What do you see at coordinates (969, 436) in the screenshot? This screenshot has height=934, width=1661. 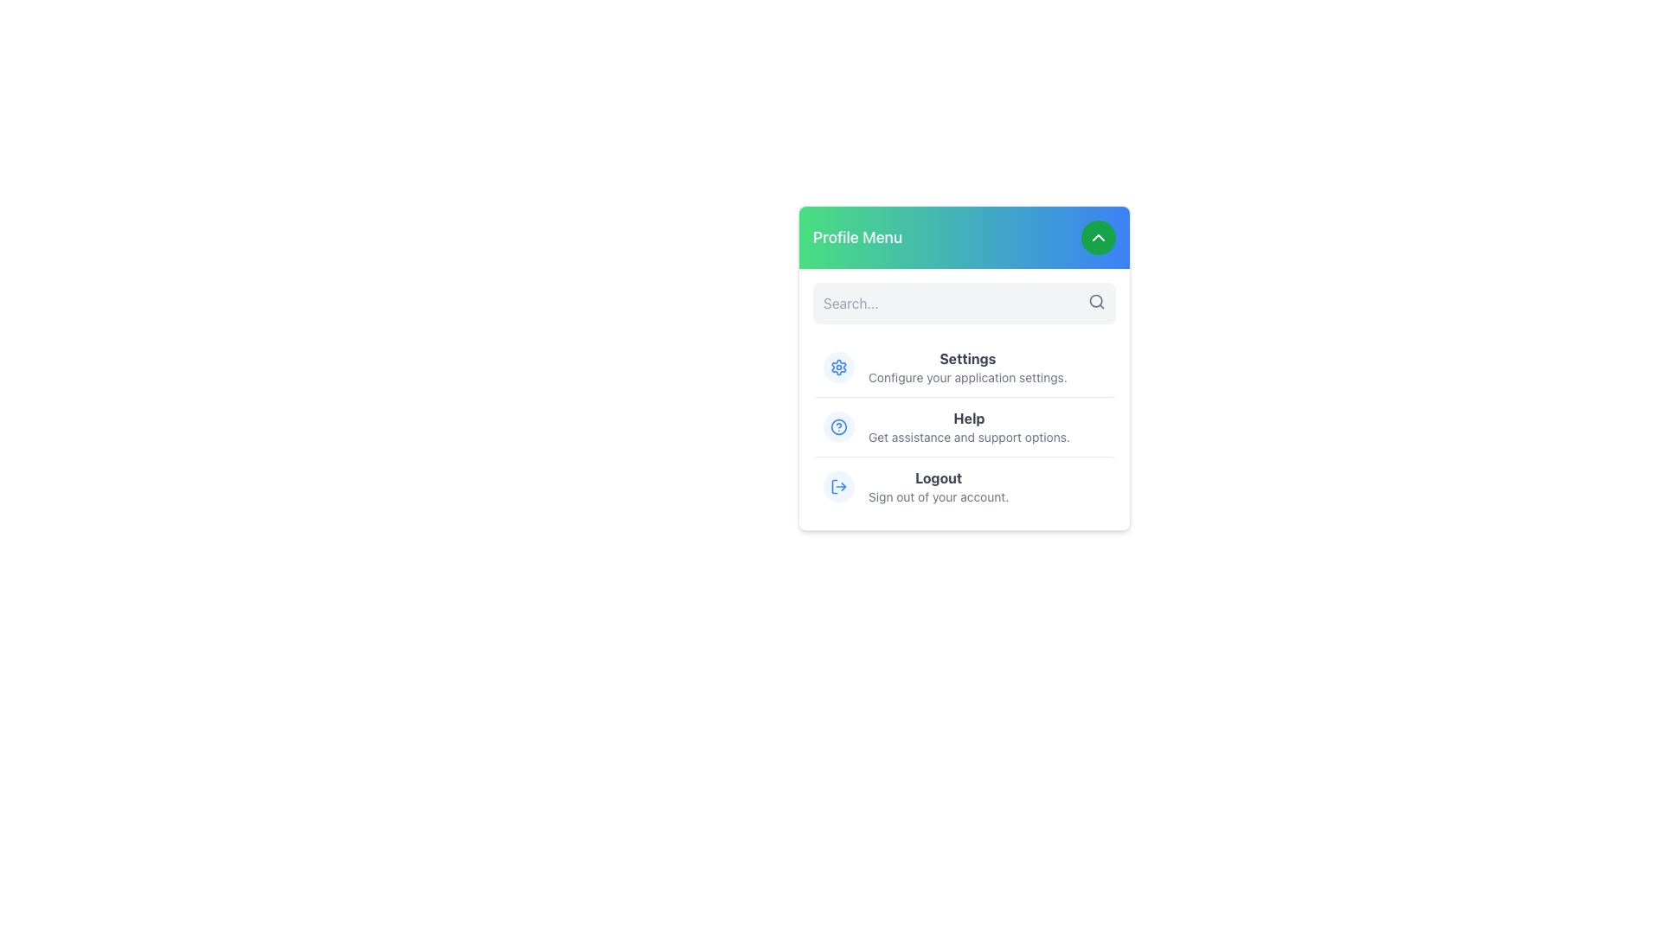 I see `the text label displaying 'Get assistance and support options.' located below the 'Help' label in the profile menu` at bounding box center [969, 436].